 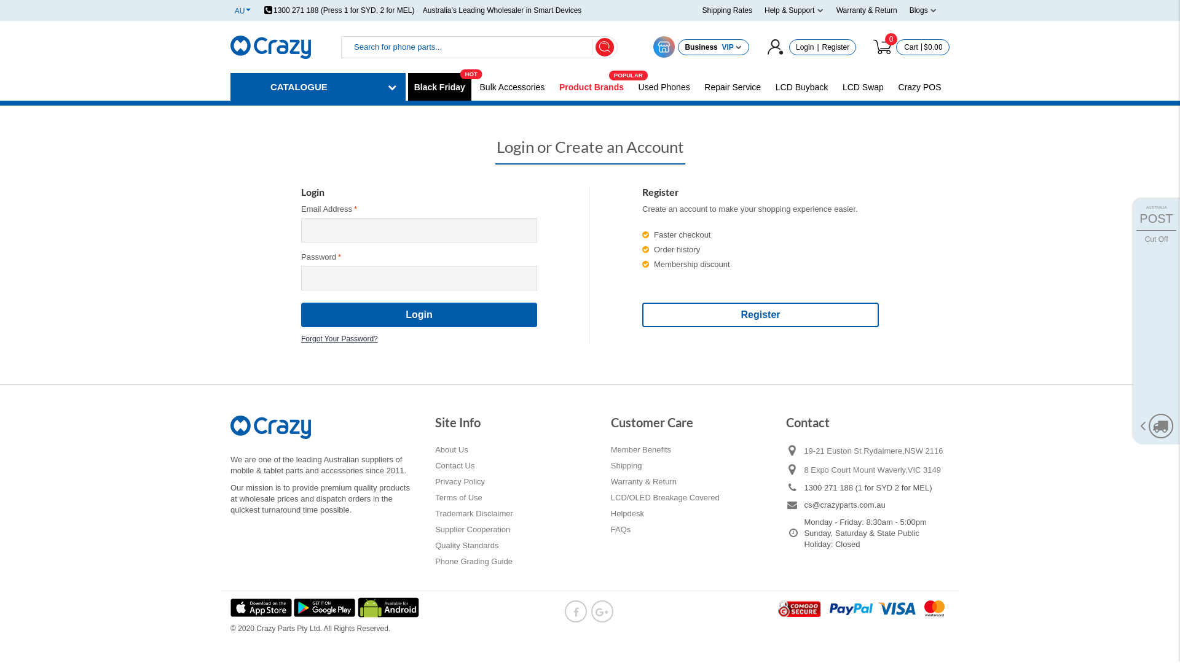 What do you see at coordinates (610, 514) in the screenshot?
I see `'Helpdesk'` at bounding box center [610, 514].